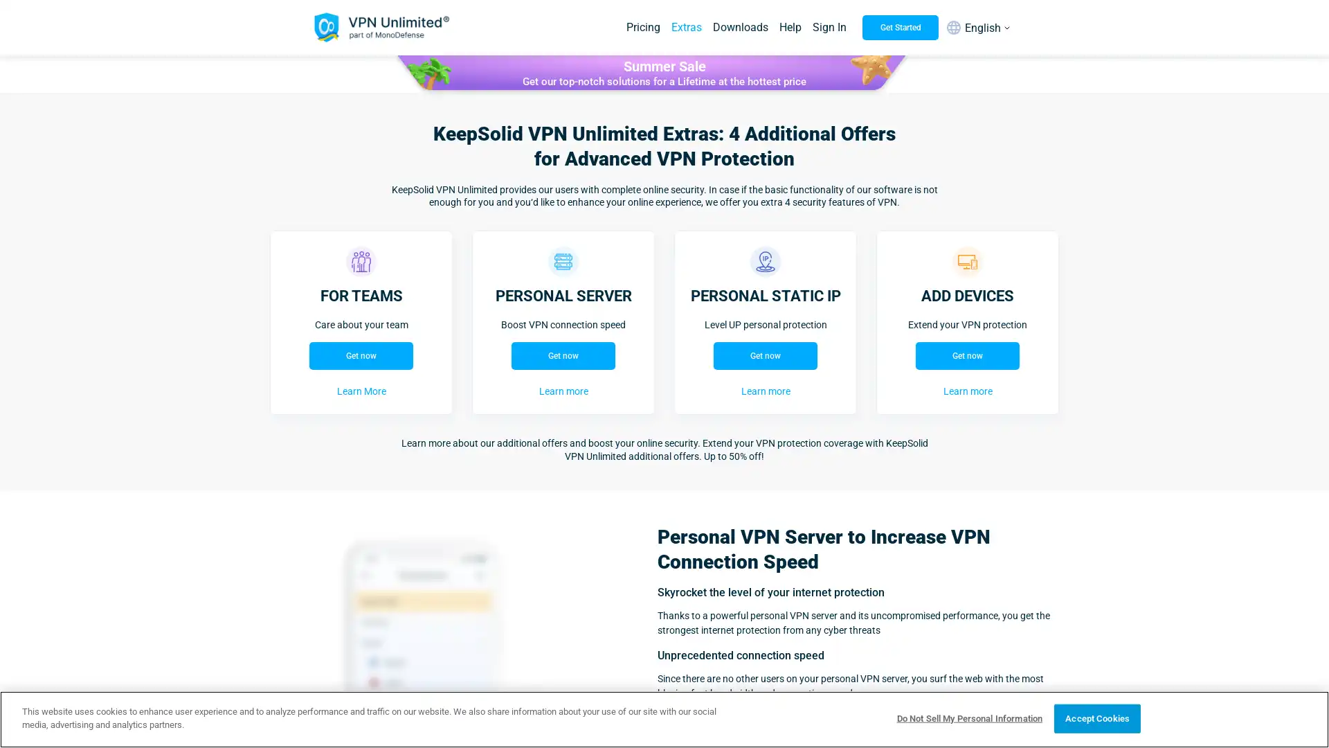 Image resolution: width=1329 pixels, height=748 pixels. I want to click on Accept Cookies, so click(1096, 718).